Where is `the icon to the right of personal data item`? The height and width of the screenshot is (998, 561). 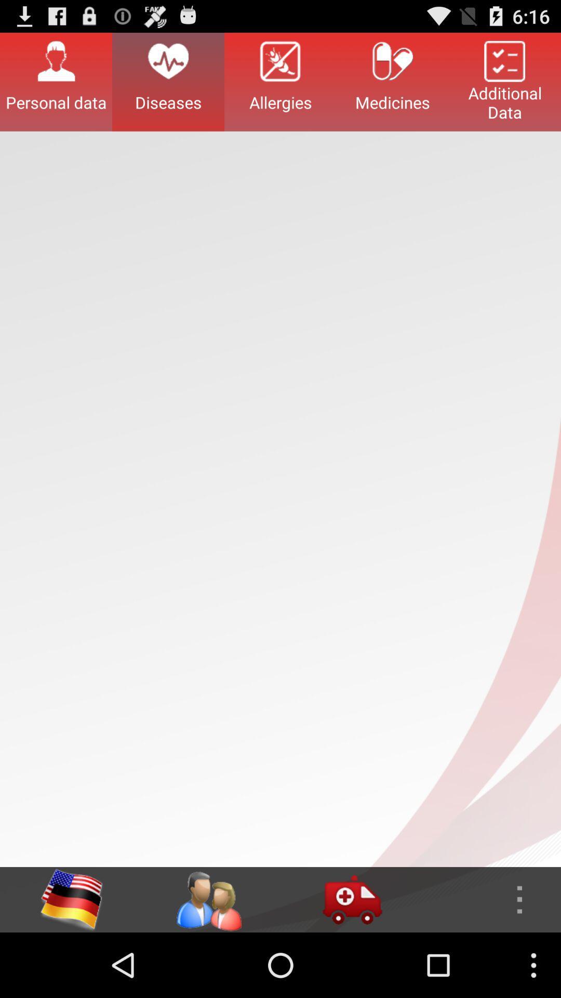 the icon to the right of personal data item is located at coordinates (168, 81).